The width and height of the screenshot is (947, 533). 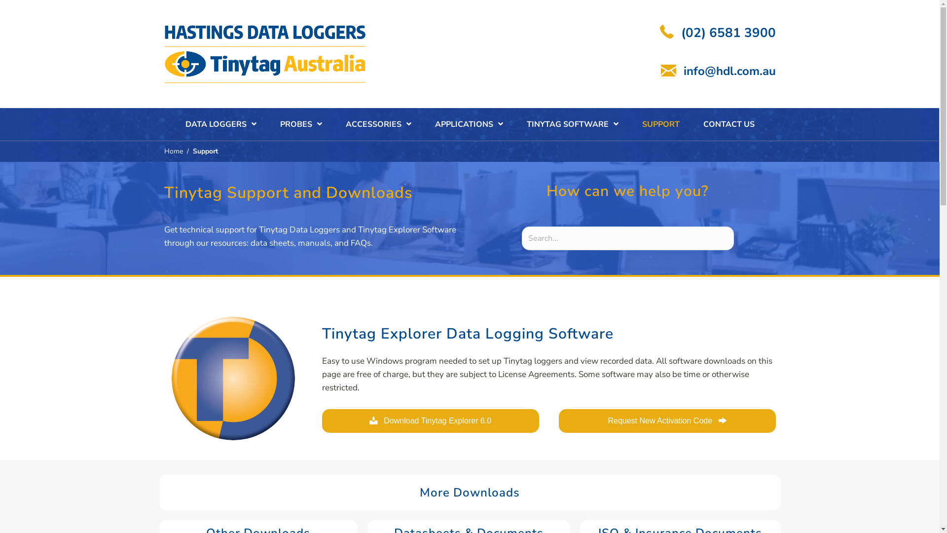 I want to click on 'Home', so click(x=173, y=151).